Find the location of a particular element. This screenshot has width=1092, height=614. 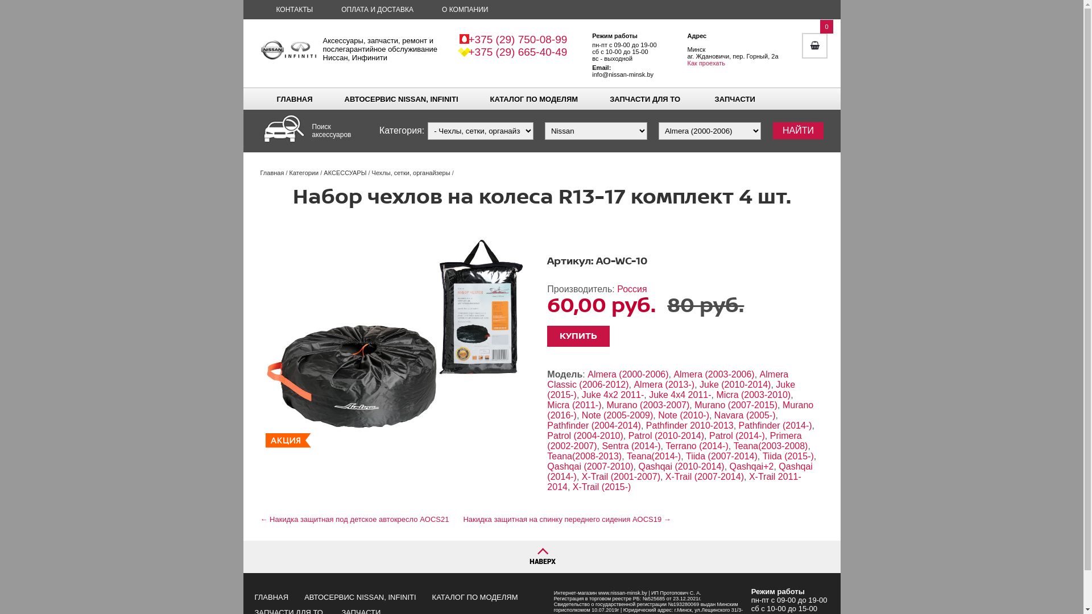

'Qashqai (2010-2014)' is located at coordinates (681, 466).